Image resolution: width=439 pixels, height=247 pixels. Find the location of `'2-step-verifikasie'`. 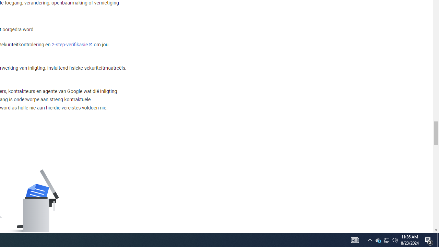

'2-step-verifikasie' is located at coordinates (72, 44).